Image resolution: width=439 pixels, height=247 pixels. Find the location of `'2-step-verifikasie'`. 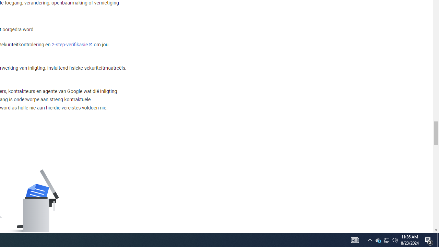

'2-step-verifikasie' is located at coordinates (72, 44).